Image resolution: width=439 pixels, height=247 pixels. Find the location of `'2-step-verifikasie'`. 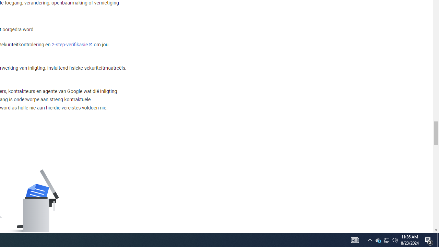

'2-step-verifikasie' is located at coordinates (72, 44).